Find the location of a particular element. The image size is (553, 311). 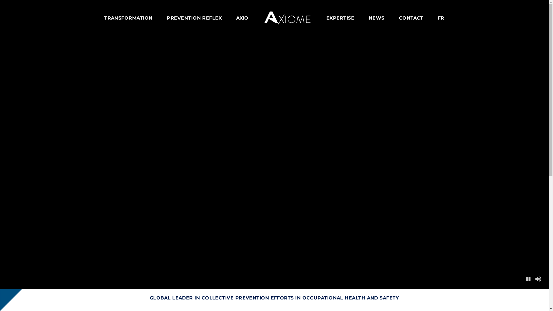

'CONTACT' is located at coordinates (411, 18).